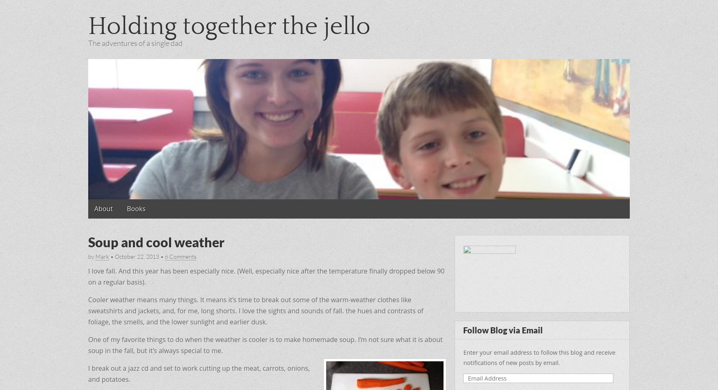 This screenshot has width=718, height=390. What do you see at coordinates (135, 43) in the screenshot?
I see `'The adventures of a single dad'` at bounding box center [135, 43].